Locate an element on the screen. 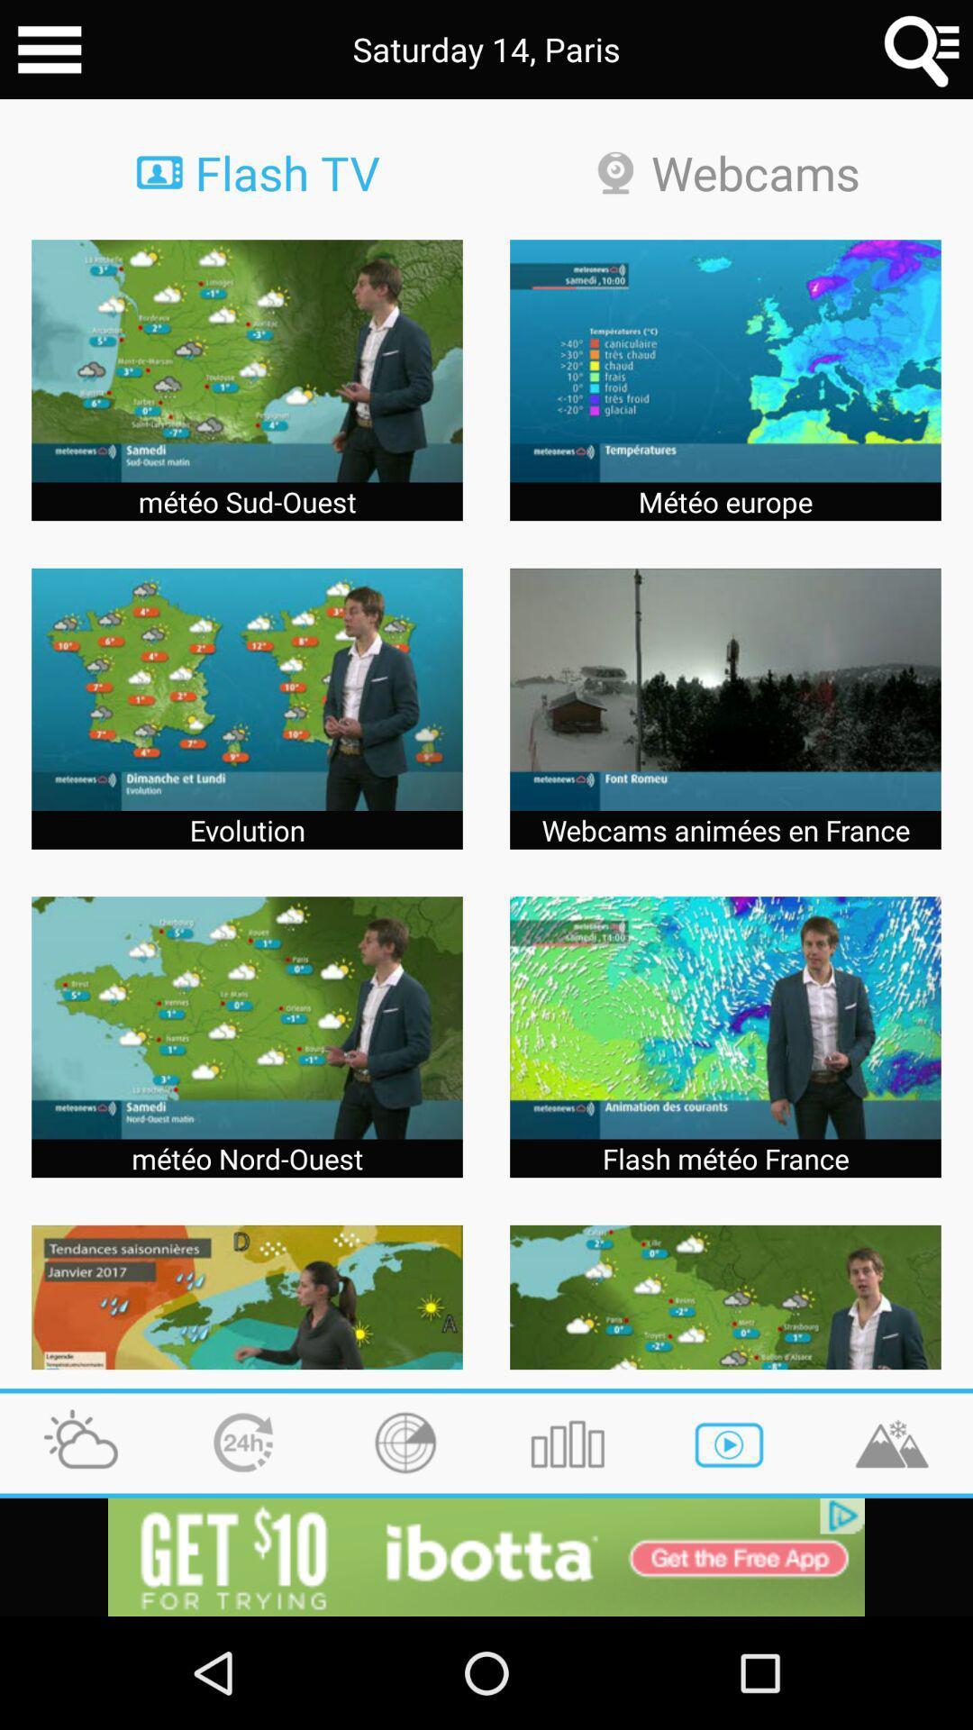  menu is located at coordinates (49, 50).